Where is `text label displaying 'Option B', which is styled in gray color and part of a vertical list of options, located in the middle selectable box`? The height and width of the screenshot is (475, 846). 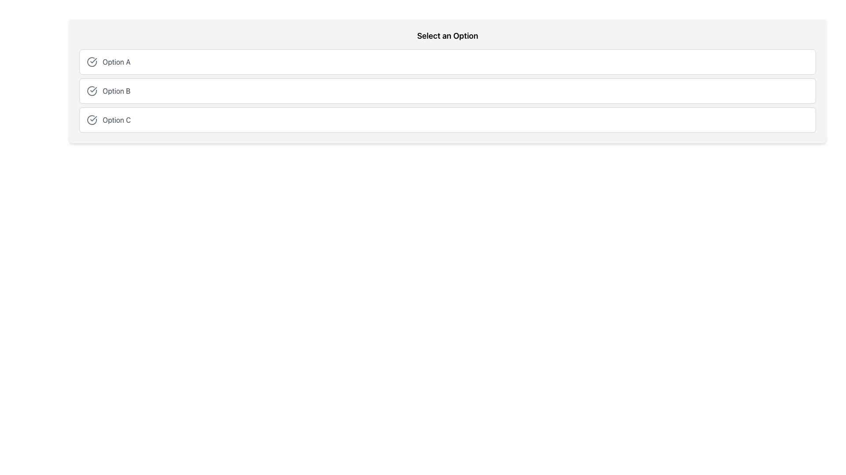
text label displaying 'Option B', which is styled in gray color and part of a vertical list of options, located in the middle selectable box is located at coordinates (116, 91).